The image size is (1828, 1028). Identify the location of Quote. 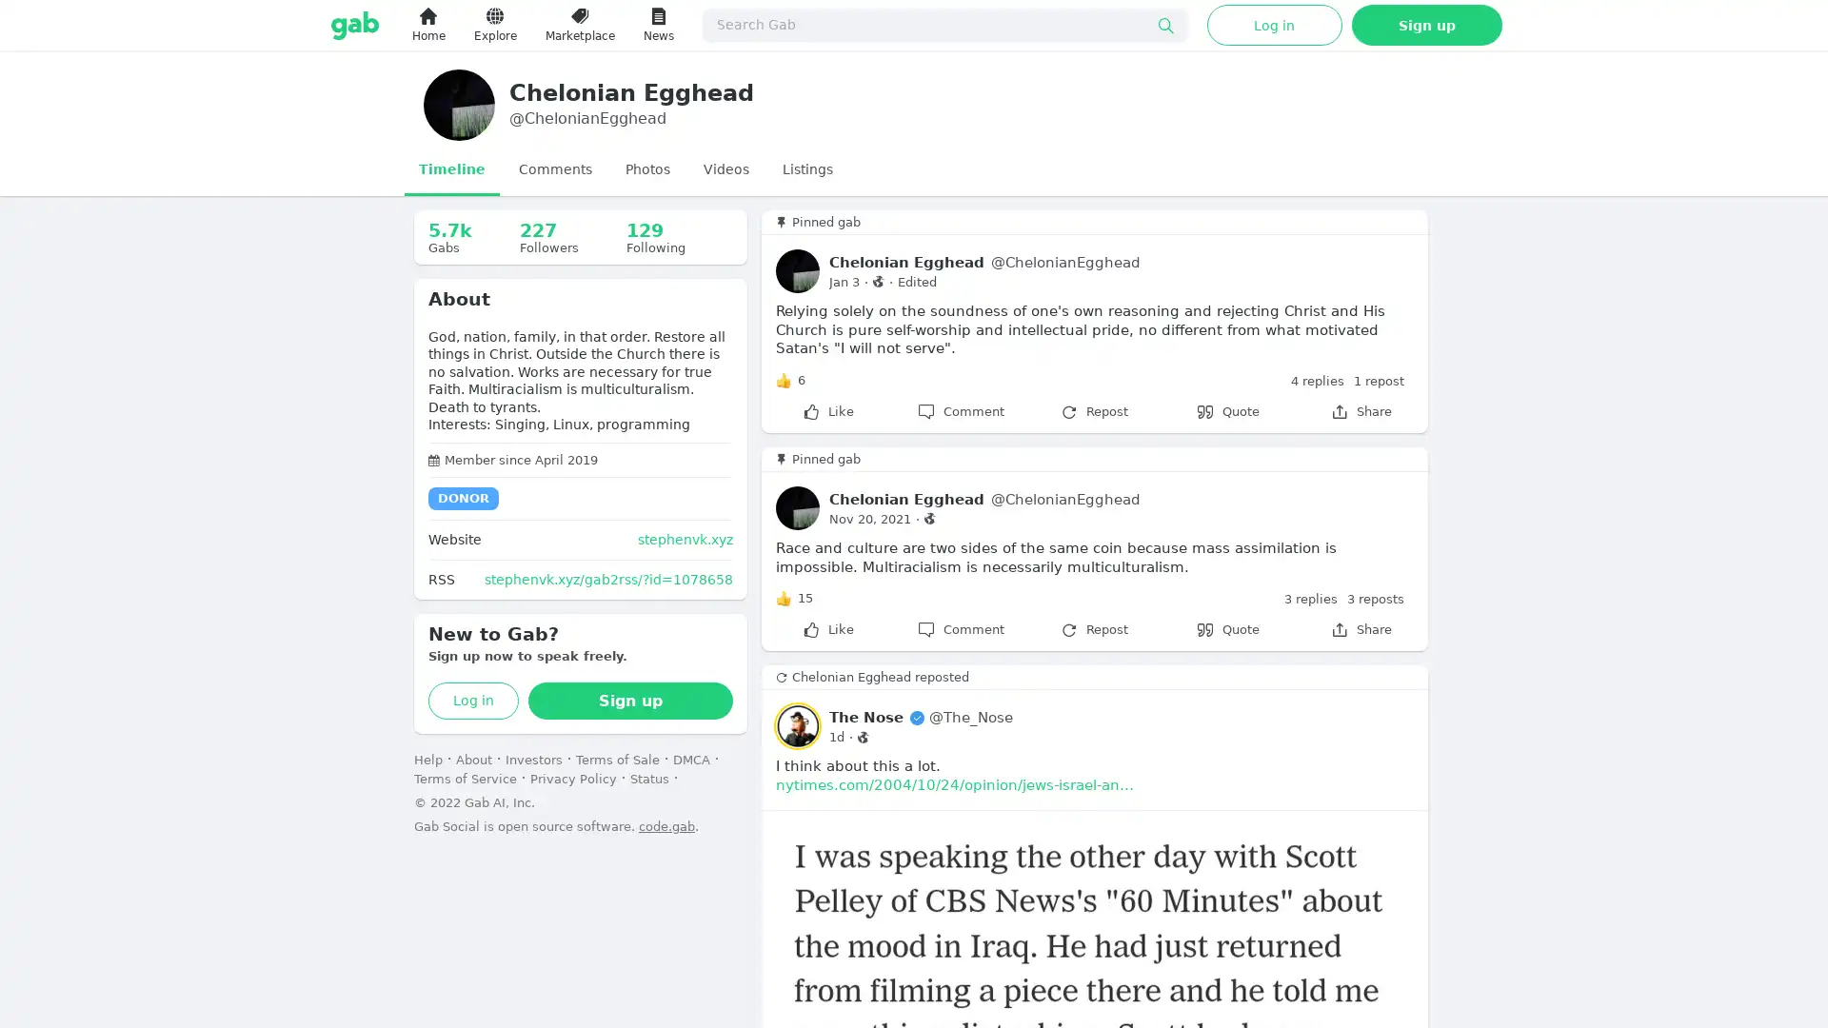
(1228, 410).